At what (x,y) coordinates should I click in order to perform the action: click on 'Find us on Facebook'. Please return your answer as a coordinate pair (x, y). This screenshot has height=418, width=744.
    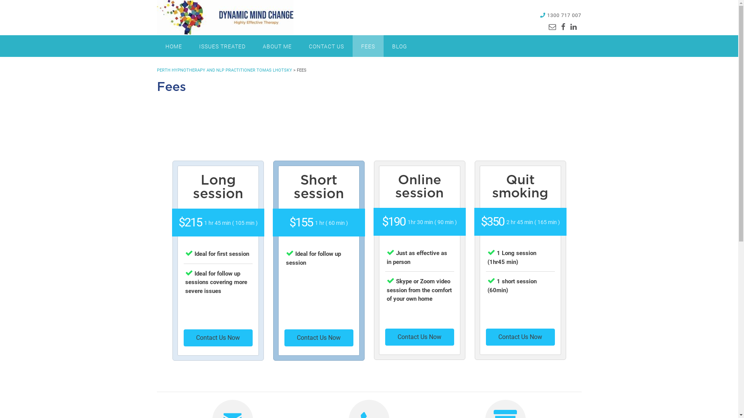
    Looking at the image, I should click on (563, 26).